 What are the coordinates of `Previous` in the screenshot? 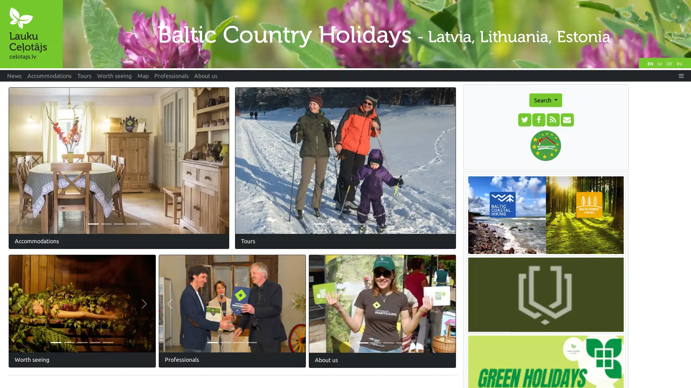 It's located at (319, 304).